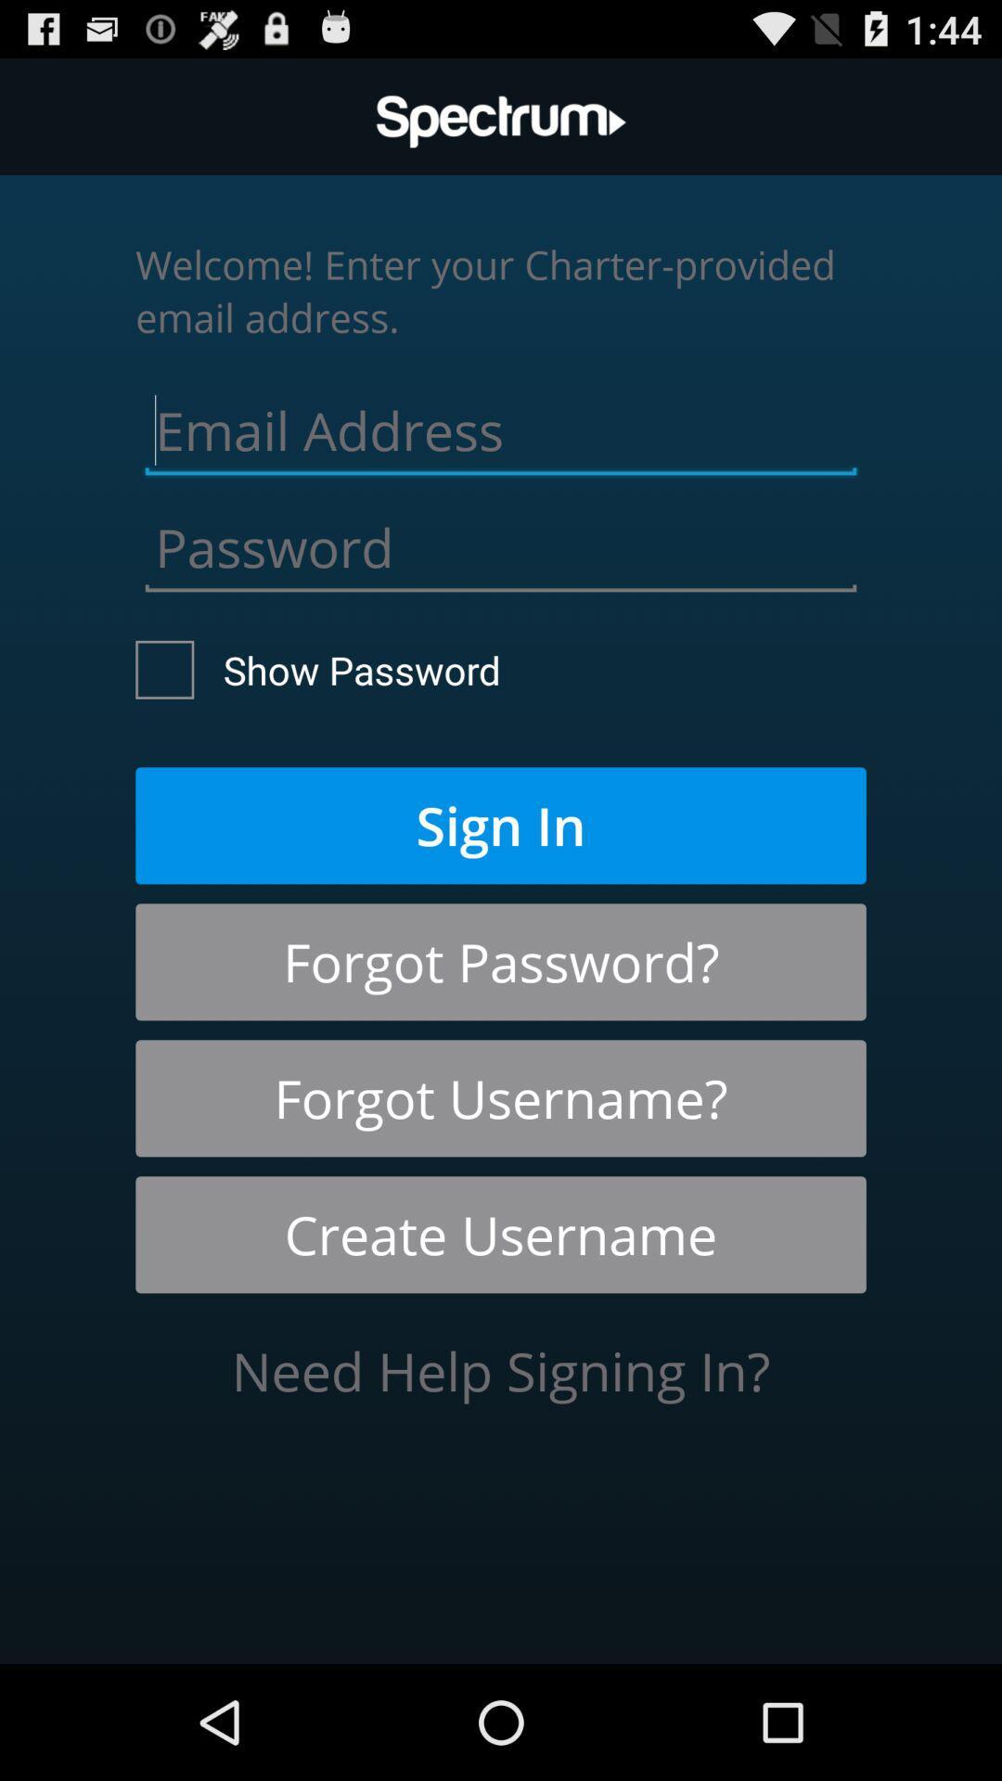  I want to click on the show password, so click(317, 669).